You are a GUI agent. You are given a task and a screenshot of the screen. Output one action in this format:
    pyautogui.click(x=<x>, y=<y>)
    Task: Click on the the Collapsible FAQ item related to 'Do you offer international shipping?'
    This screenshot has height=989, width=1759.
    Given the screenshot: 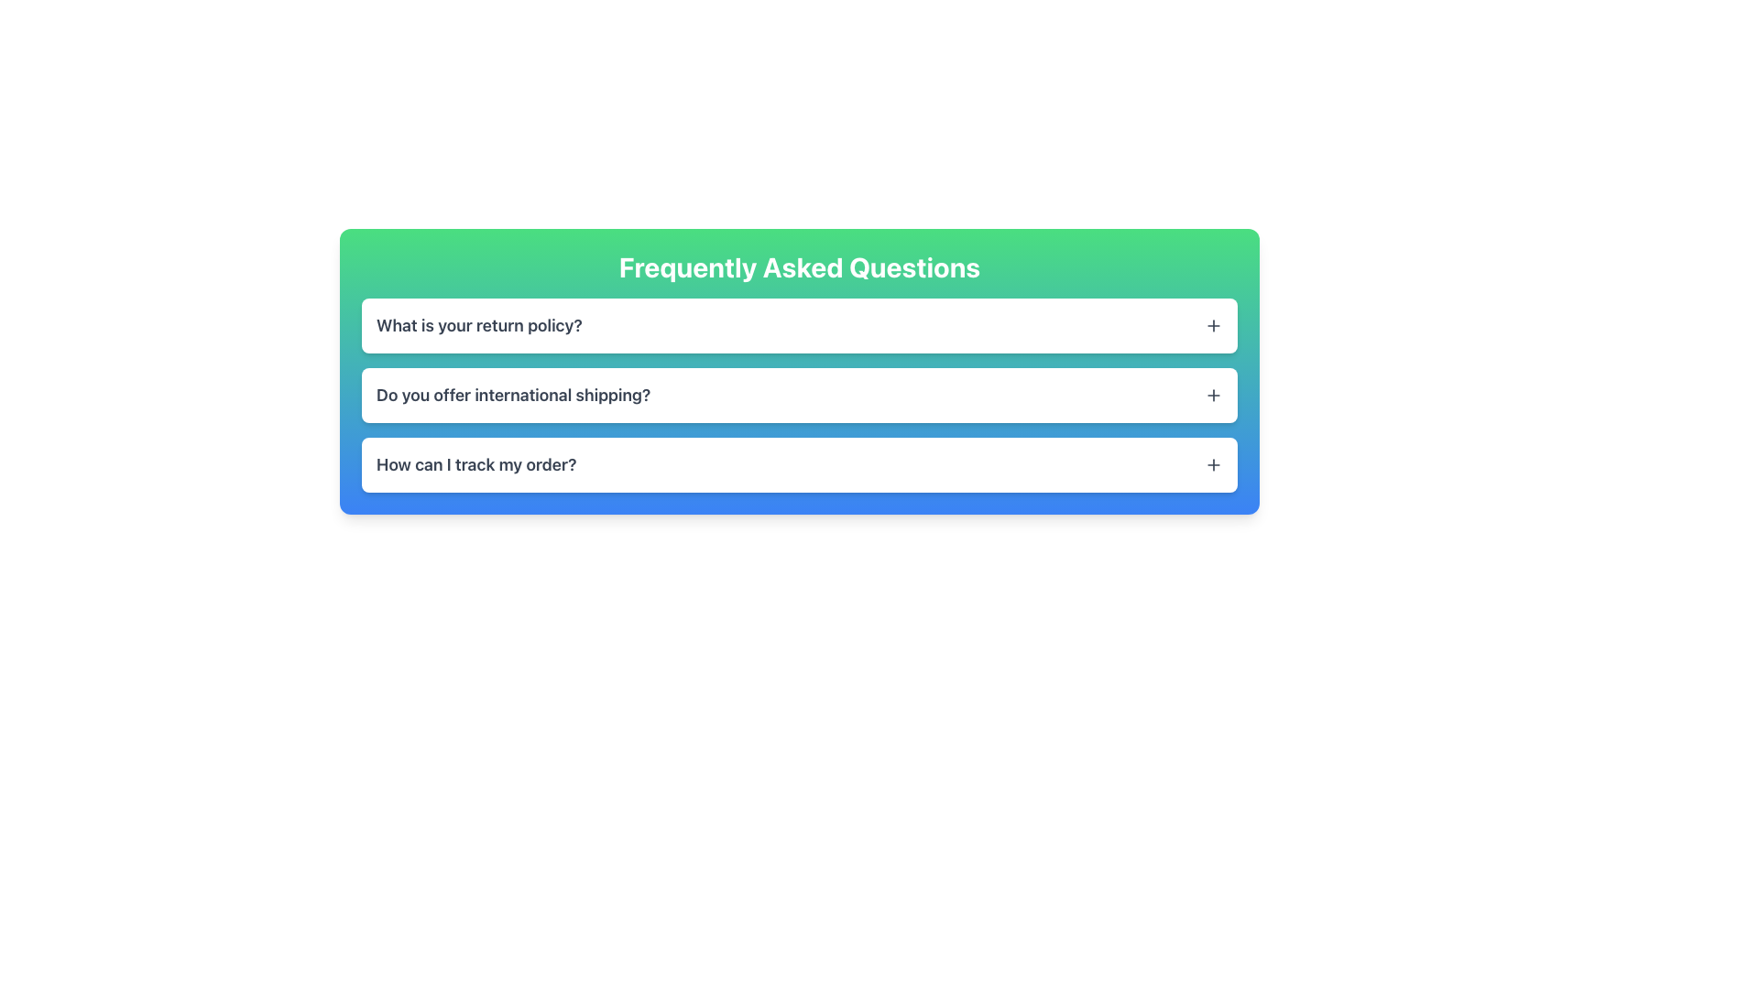 What is the action you would take?
    pyautogui.click(x=800, y=395)
    